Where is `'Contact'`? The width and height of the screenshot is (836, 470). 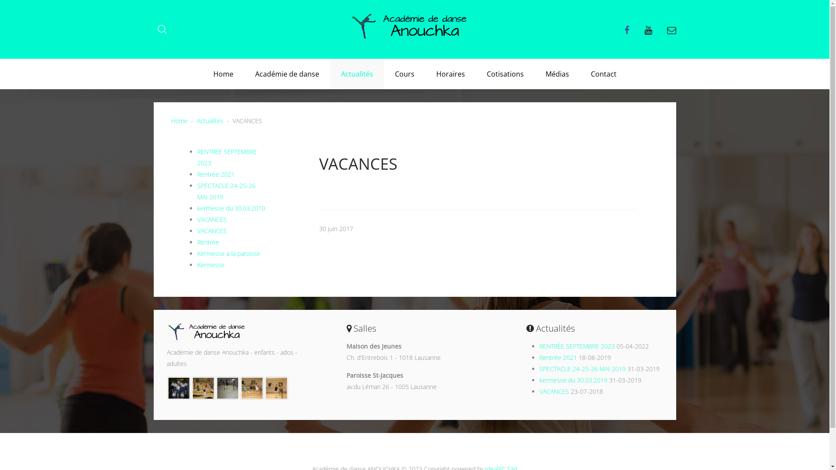
'Contact' is located at coordinates (603, 73).